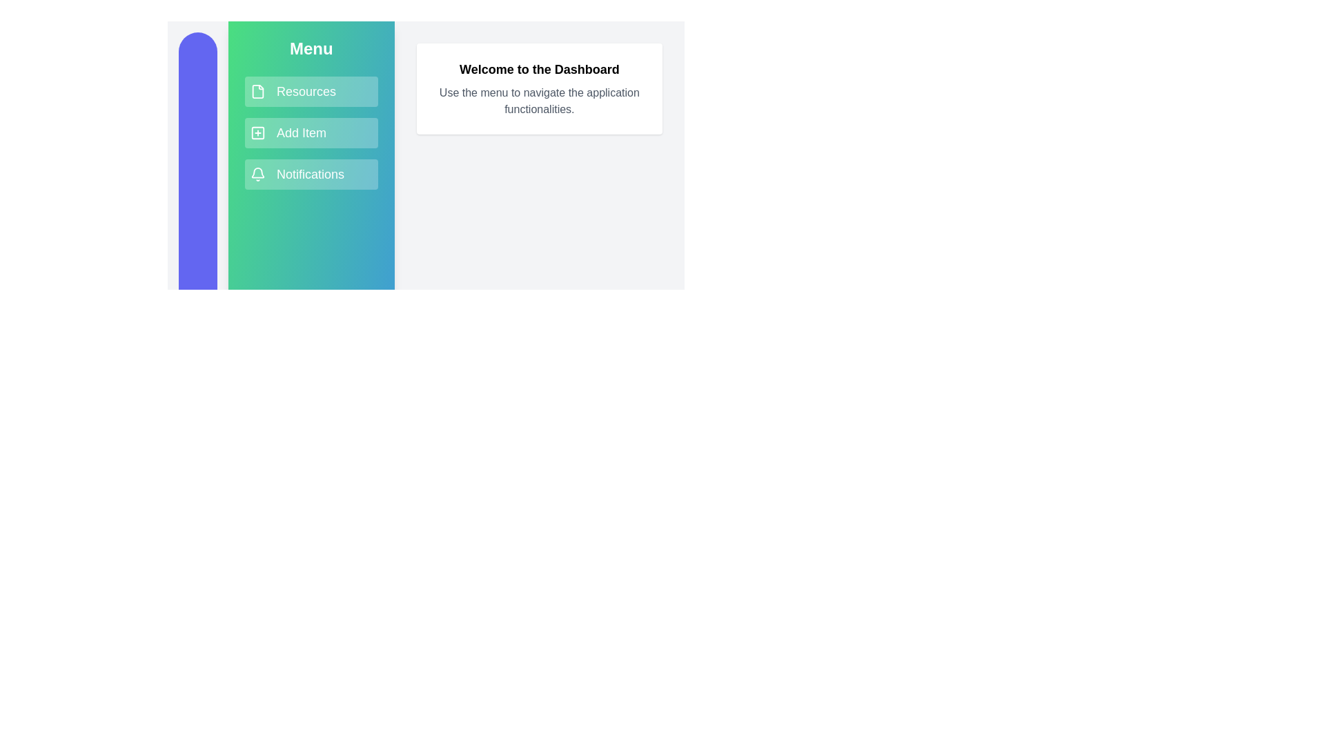 The image size is (1325, 745). Describe the element at coordinates (311, 174) in the screenshot. I see `the menu item Notifications to navigate or trigger its action` at that location.